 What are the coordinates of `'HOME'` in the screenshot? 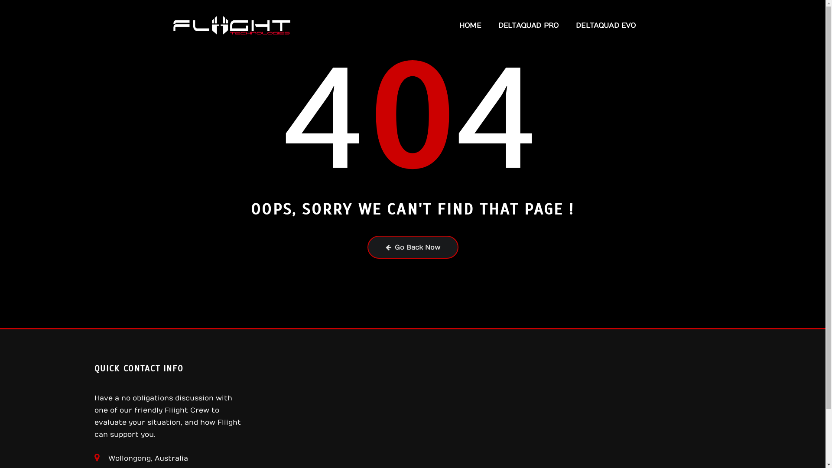 It's located at (469, 25).